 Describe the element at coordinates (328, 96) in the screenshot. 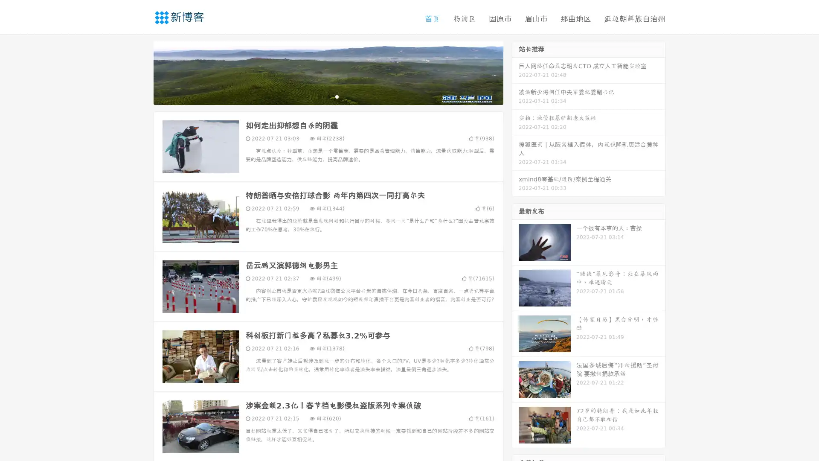

I see `Go to slide 2` at that location.